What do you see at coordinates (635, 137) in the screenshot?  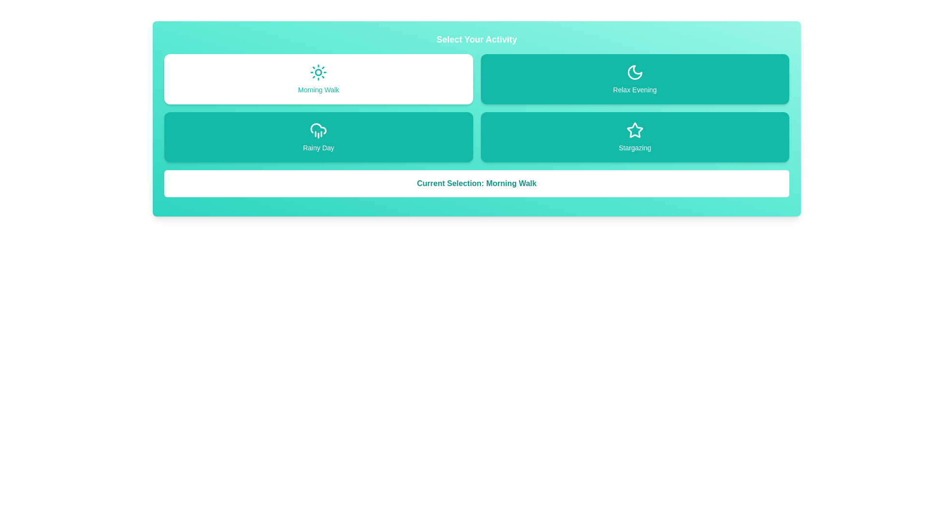 I see `the activity Stargazing by clicking on its button` at bounding box center [635, 137].